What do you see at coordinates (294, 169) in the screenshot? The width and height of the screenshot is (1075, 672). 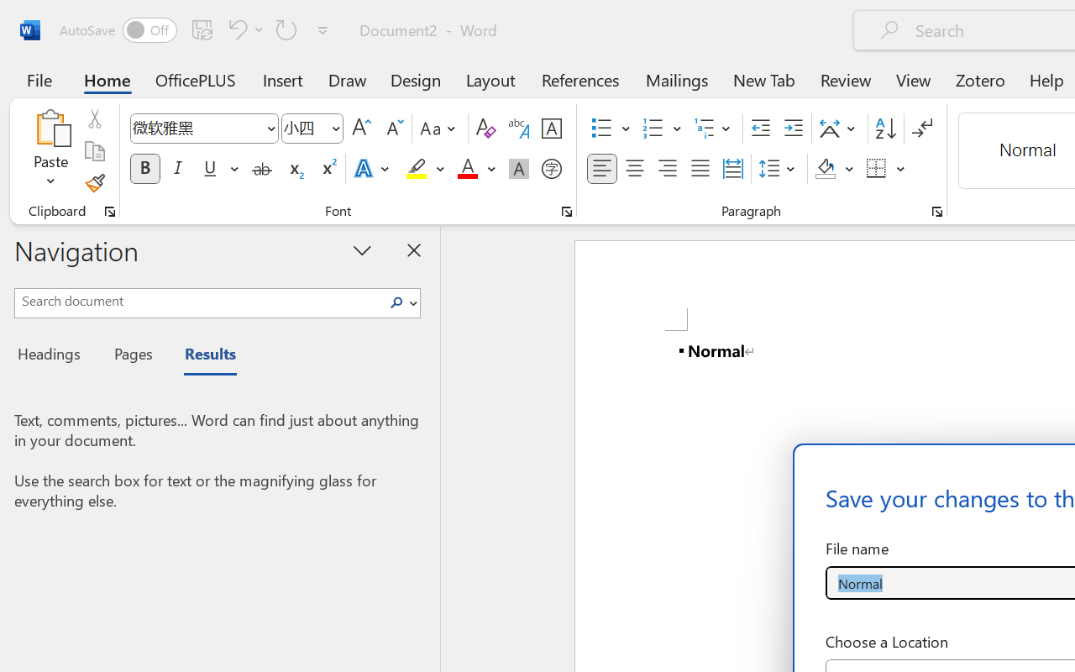 I see `'Subscript'` at bounding box center [294, 169].